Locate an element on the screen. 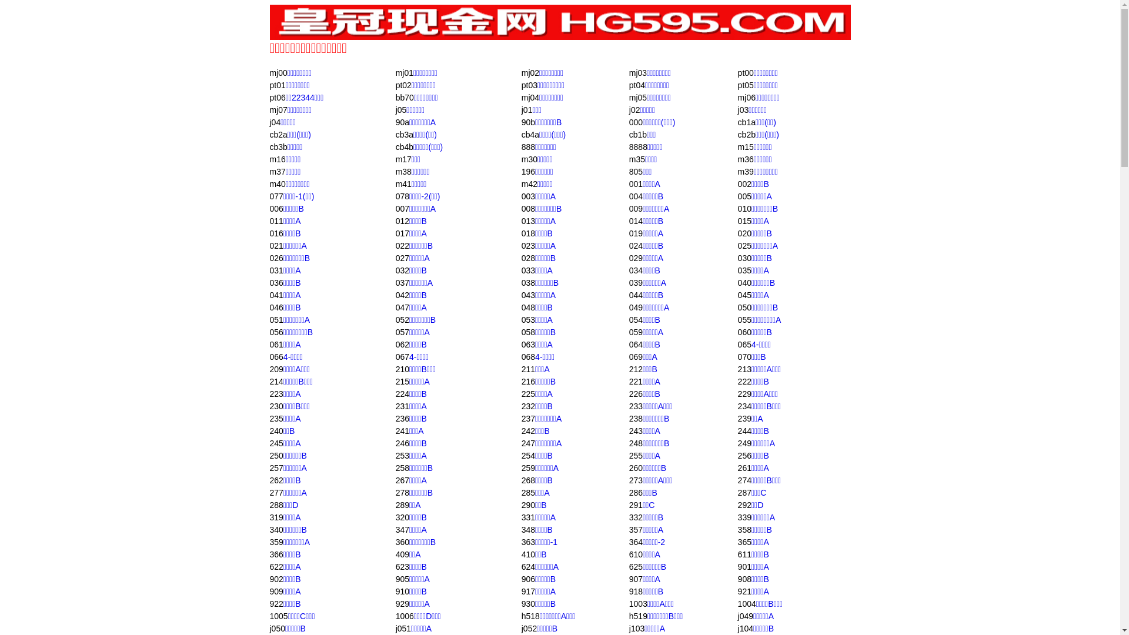  '910' is located at coordinates (402, 591).